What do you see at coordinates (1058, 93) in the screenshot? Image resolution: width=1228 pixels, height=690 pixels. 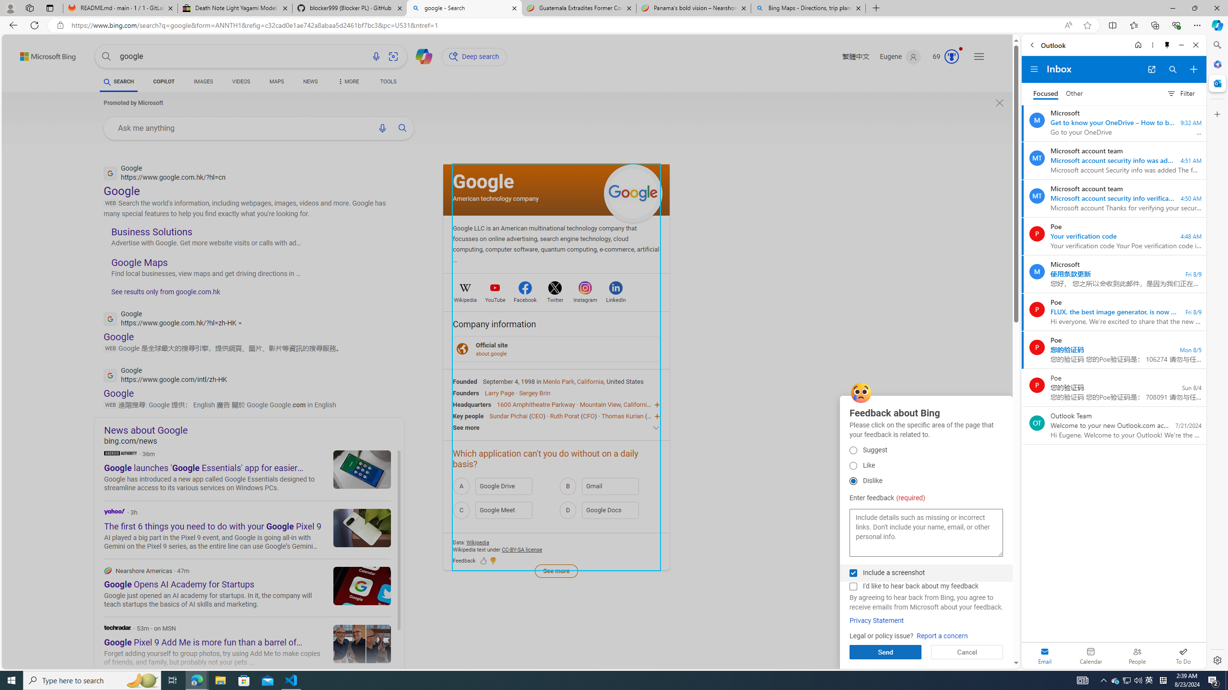 I see `'Focused Inbox, toggle to go to Other Inbox'` at bounding box center [1058, 93].